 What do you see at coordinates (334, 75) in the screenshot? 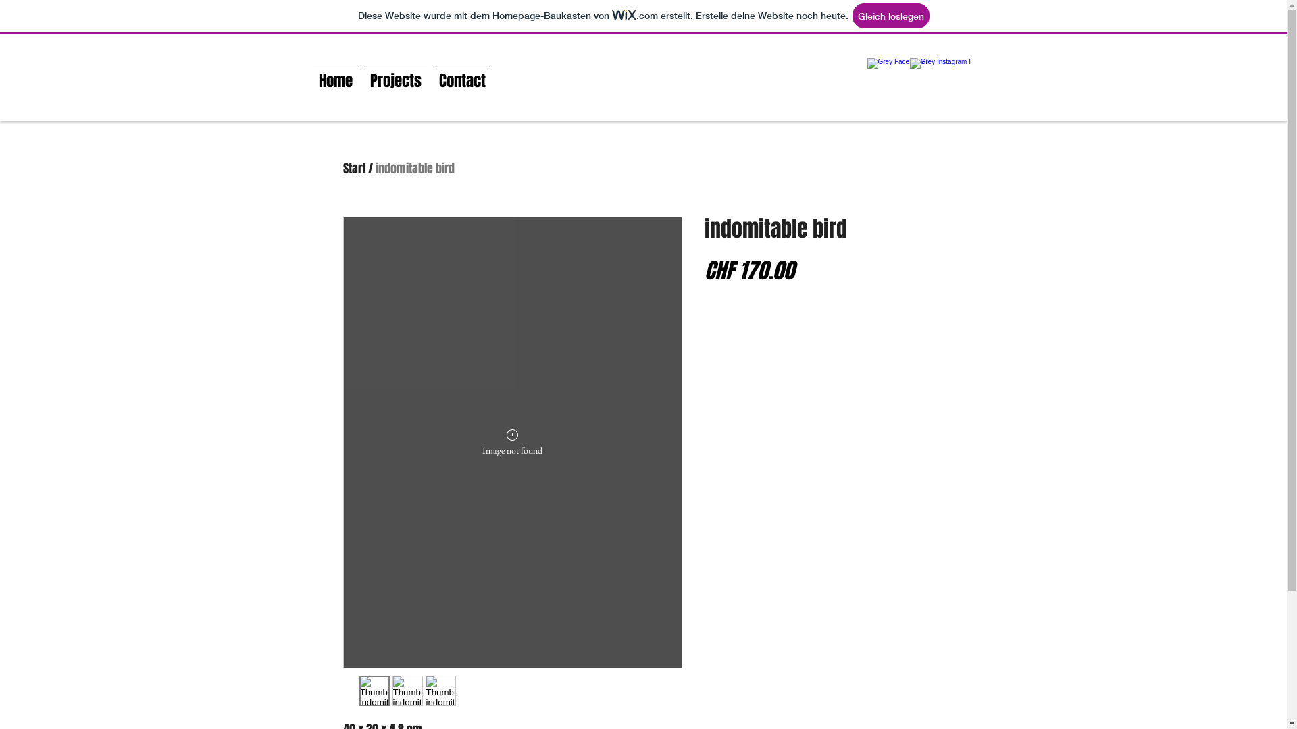
I see `'Home'` at bounding box center [334, 75].